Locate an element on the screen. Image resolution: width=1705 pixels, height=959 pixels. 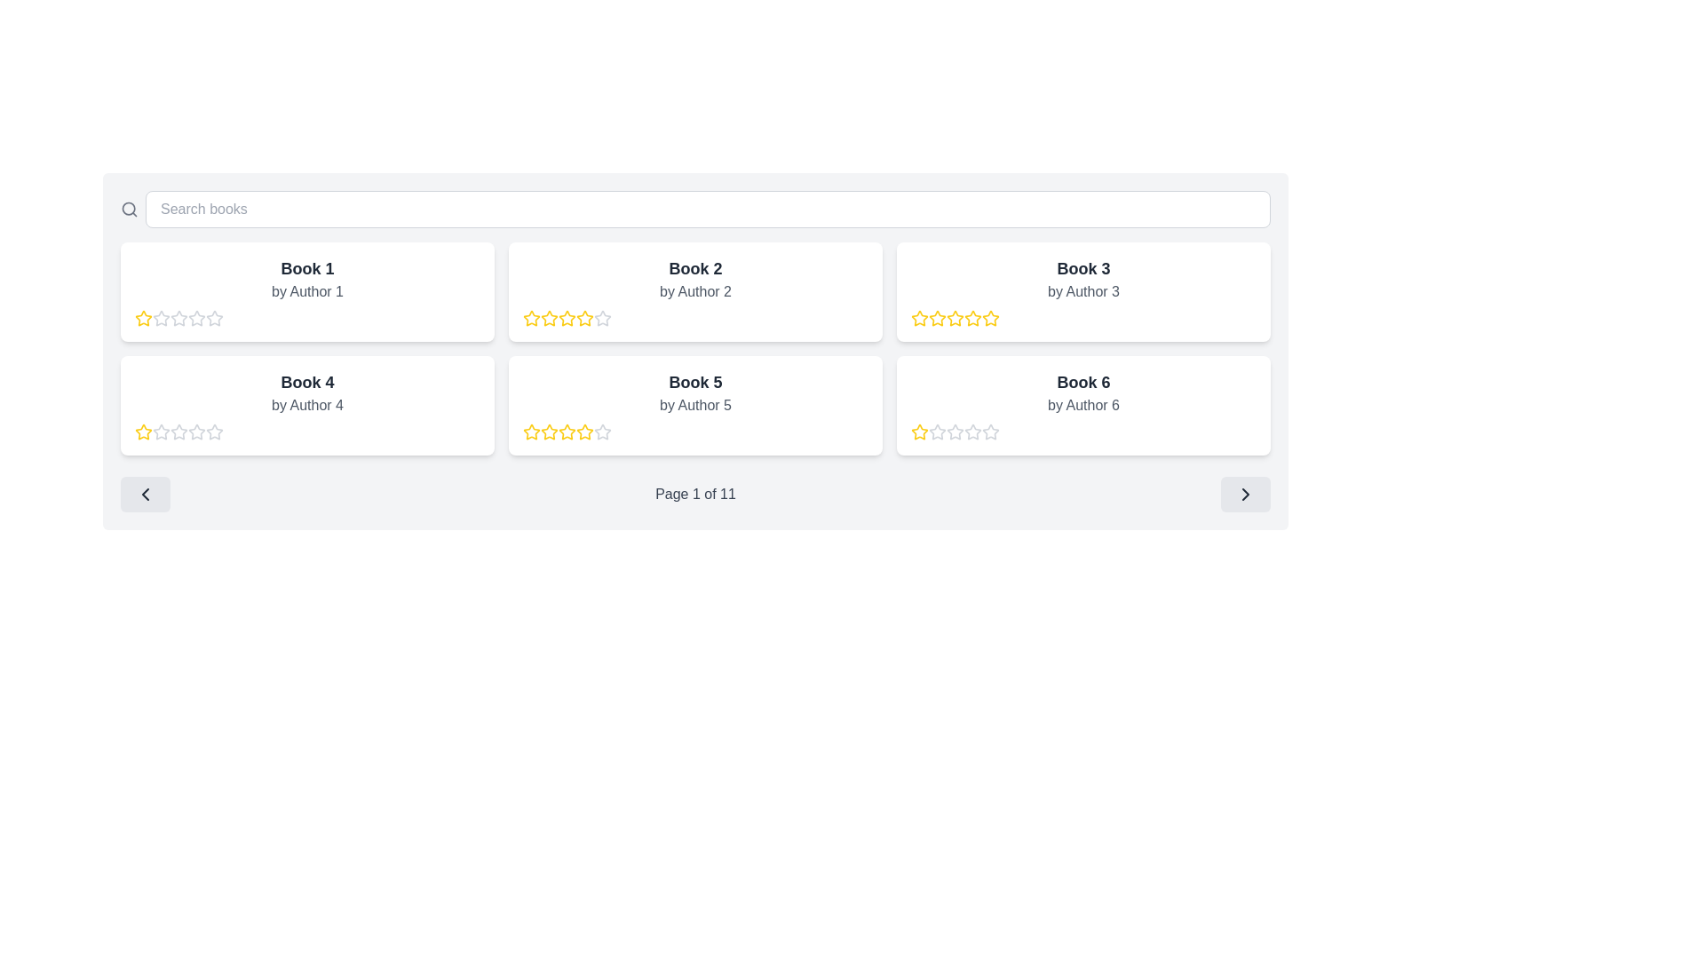
the yellow five-pointed star icon with a white center to give a one-star rating for 'Book 4' by 'Author 4' is located at coordinates (144, 432).